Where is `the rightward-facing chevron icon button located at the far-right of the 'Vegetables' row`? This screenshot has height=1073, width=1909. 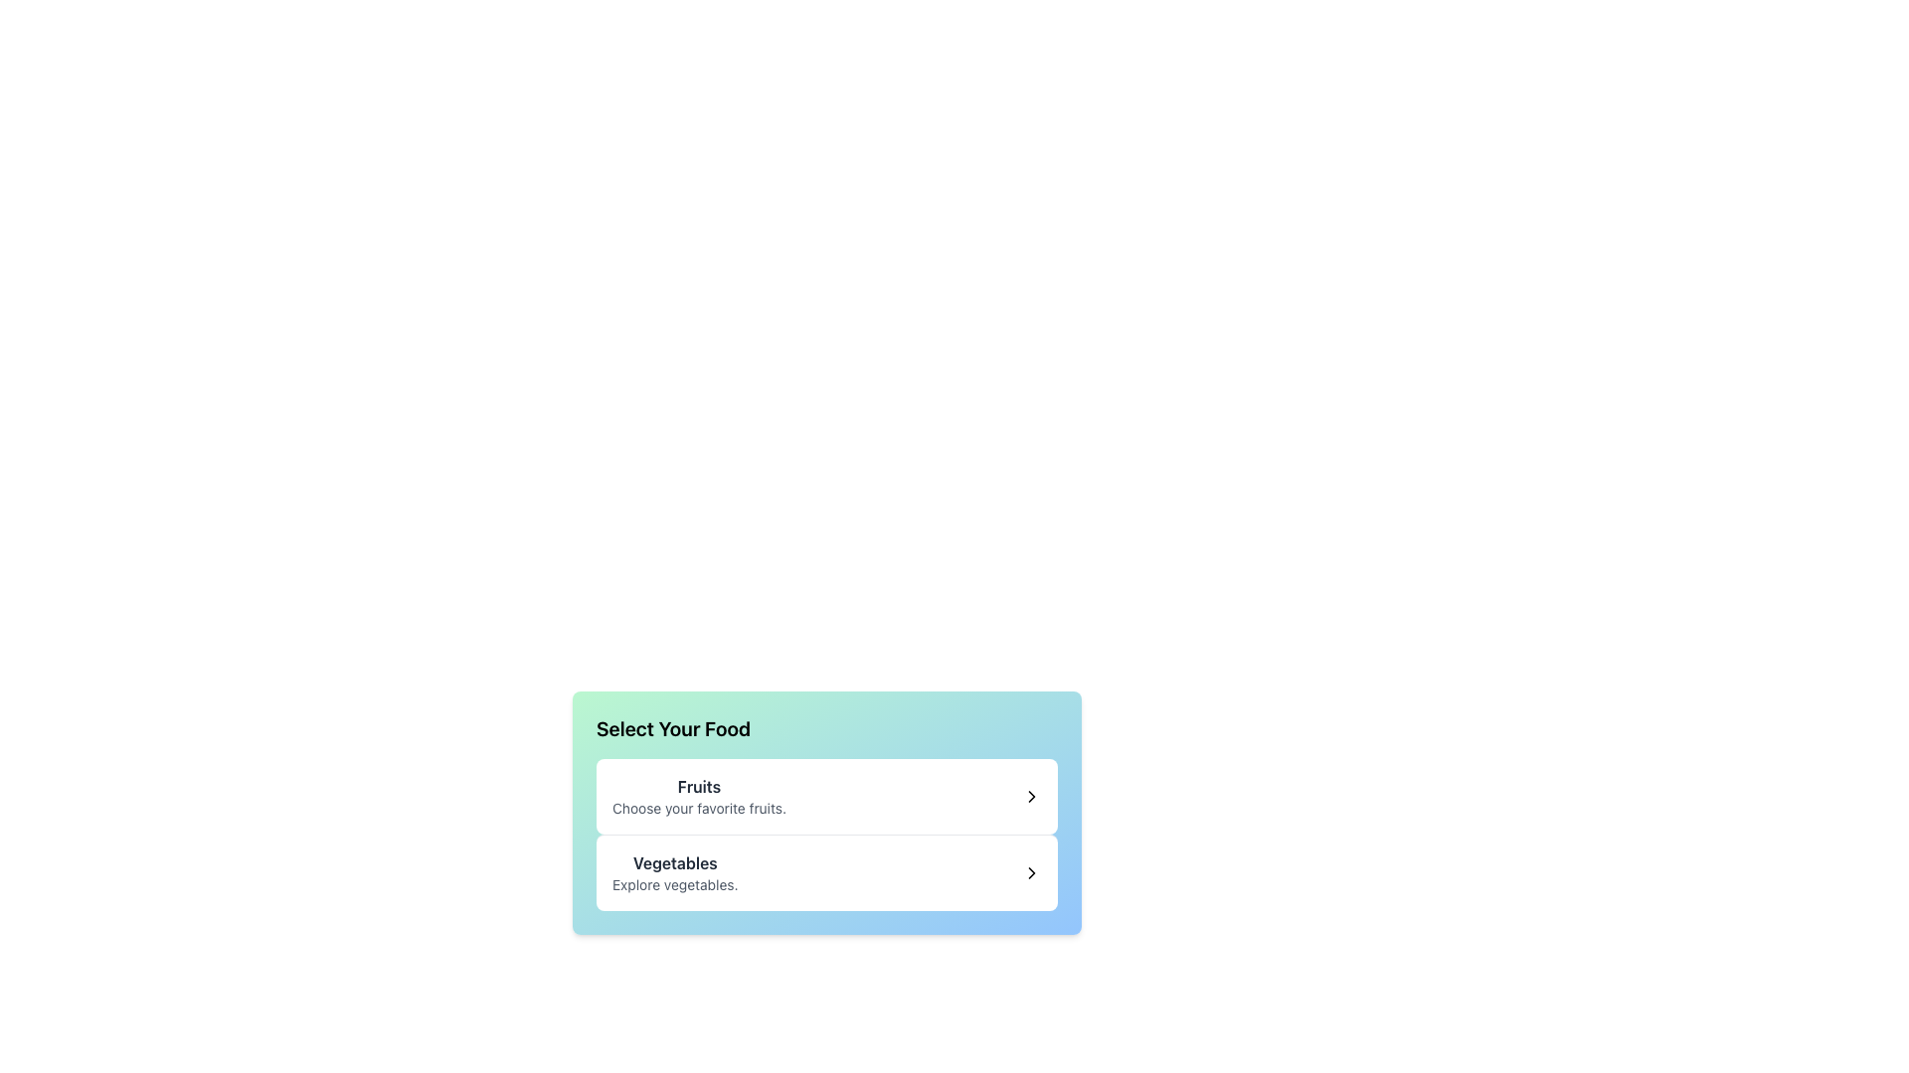
the rightward-facing chevron icon button located at the far-right of the 'Vegetables' row is located at coordinates (1031, 872).